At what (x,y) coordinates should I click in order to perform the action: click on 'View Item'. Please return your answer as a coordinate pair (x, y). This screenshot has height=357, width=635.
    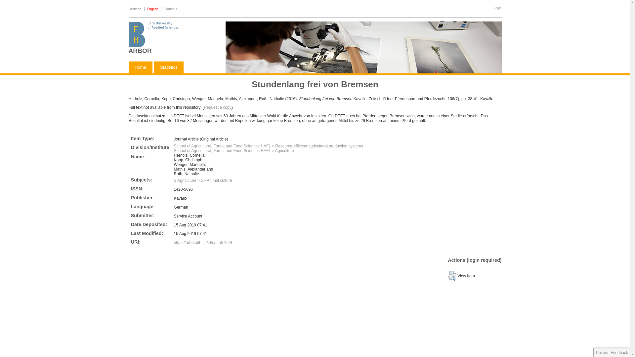
    Looking at the image, I should click on (448, 276).